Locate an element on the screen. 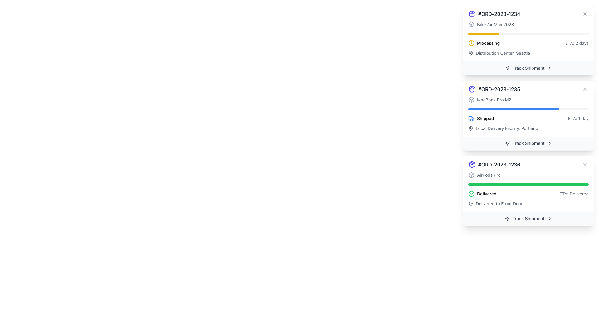 This screenshot has width=599, height=336. the 'Processing' label with a yellow clock icon located at the top left corner of the shipment status card to understand the status is located at coordinates (484, 43).